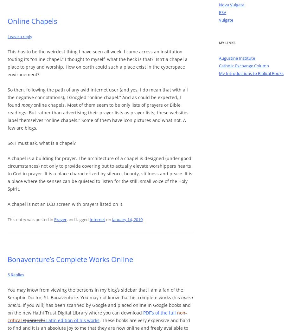 This screenshot has width=301, height=331. I want to click on 'and tagged', so click(78, 219).